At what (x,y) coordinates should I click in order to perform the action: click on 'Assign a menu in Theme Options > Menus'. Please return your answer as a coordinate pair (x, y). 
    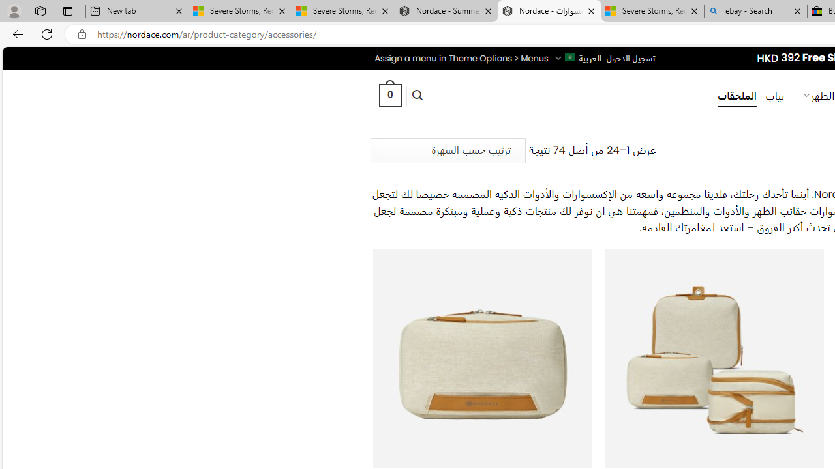
    Looking at the image, I should click on (461, 57).